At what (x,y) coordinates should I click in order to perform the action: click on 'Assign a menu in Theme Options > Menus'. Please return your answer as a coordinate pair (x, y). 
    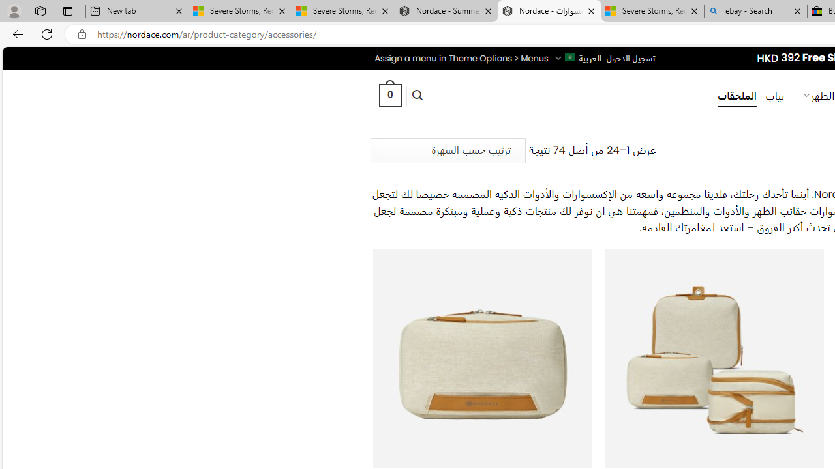
    Looking at the image, I should click on (461, 57).